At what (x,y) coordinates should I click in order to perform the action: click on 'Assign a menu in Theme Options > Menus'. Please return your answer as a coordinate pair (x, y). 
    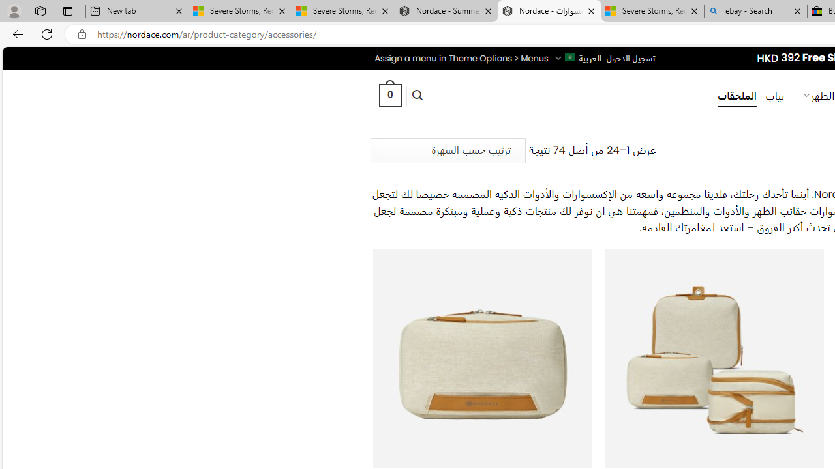
    Looking at the image, I should click on (461, 57).